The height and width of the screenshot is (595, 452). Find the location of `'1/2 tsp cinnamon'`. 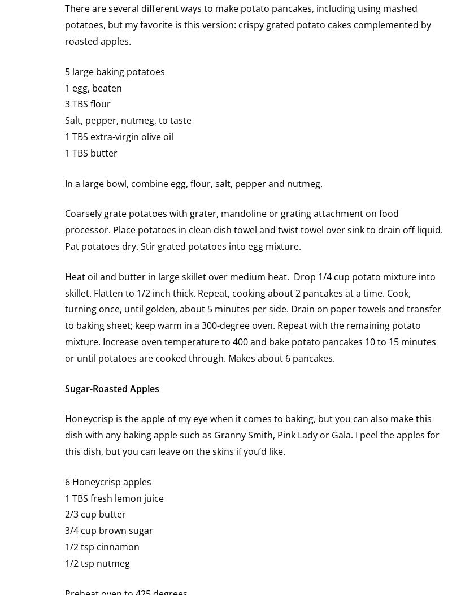

'1/2 tsp cinnamon' is located at coordinates (102, 546).